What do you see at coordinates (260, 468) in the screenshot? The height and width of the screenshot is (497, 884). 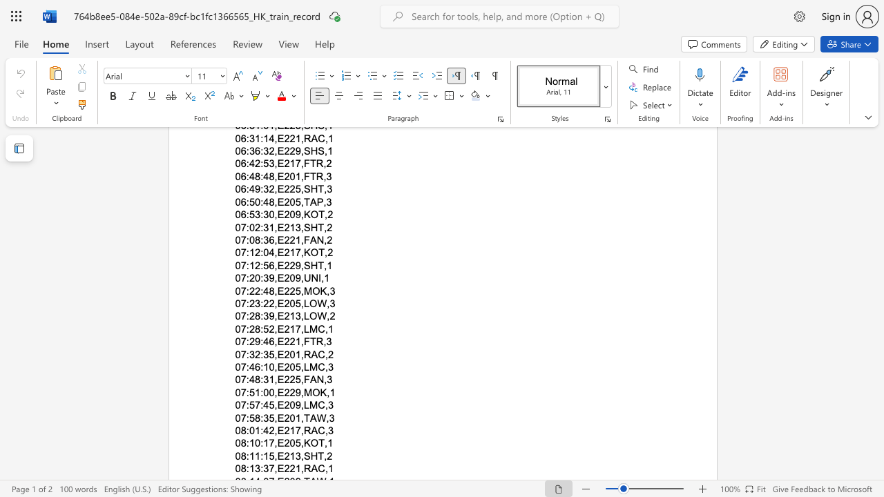 I see `the subset text ":37,E221,RAC," within the text "08:13:37,E221,RAC,1"` at bounding box center [260, 468].